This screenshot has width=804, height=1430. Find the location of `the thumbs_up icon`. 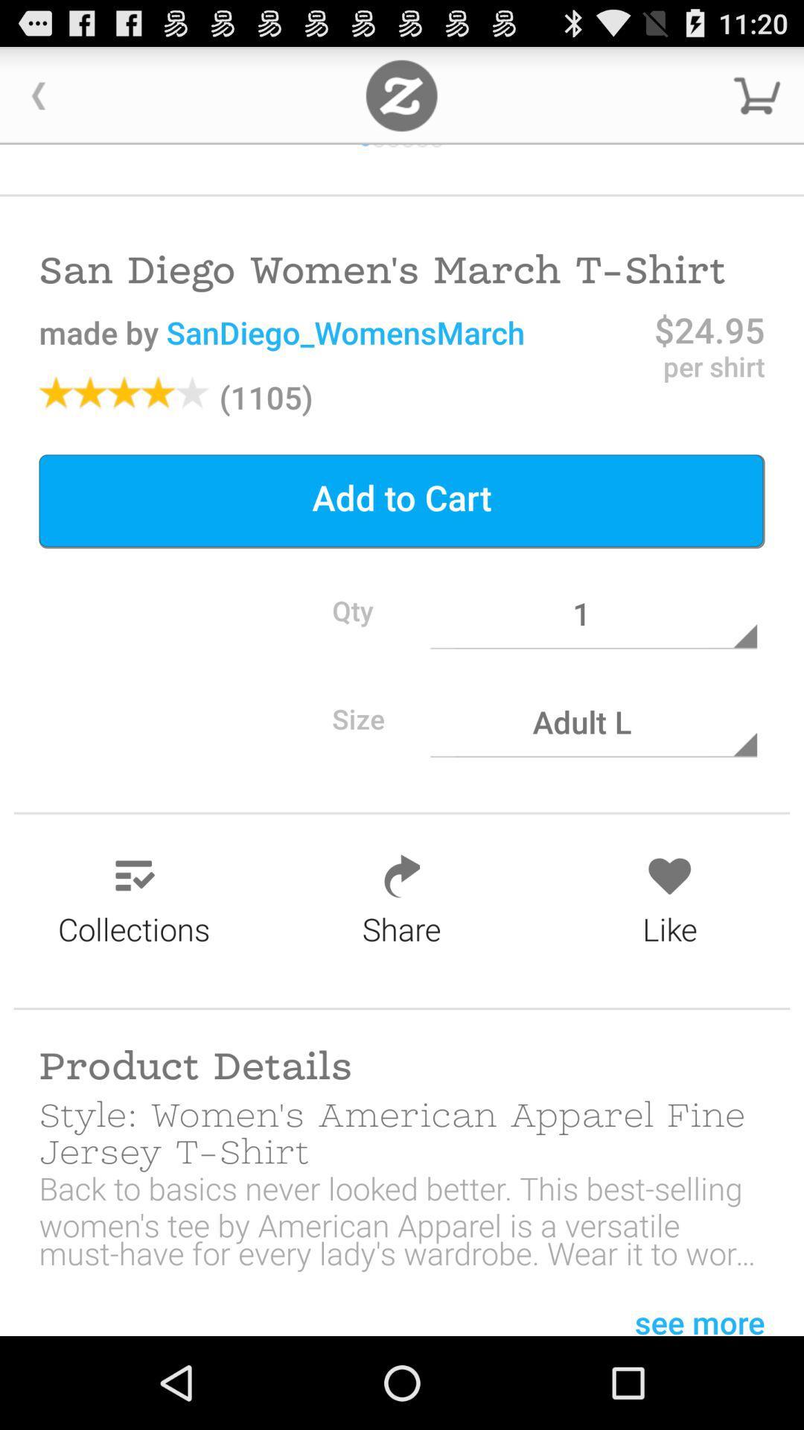

the thumbs_up icon is located at coordinates (421, 156).